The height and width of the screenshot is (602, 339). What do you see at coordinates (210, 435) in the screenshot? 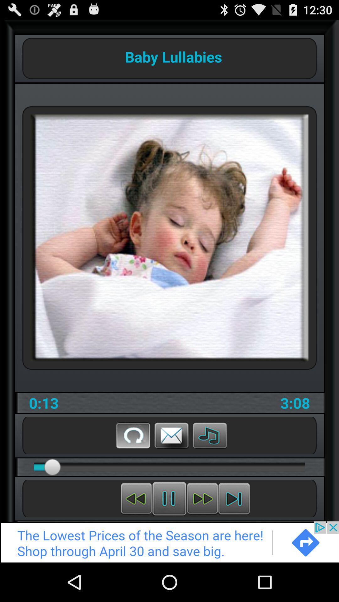
I see `a song` at bounding box center [210, 435].